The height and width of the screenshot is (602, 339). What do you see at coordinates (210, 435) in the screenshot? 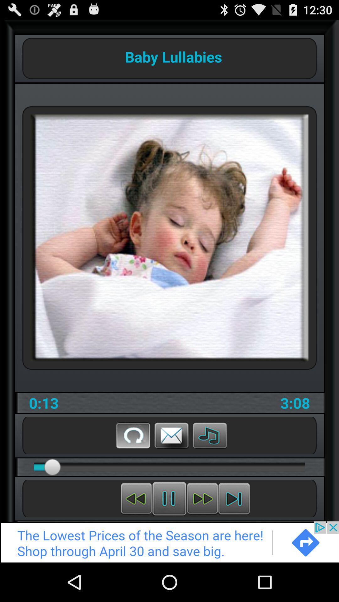
I see `a song` at bounding box center [210, 435].